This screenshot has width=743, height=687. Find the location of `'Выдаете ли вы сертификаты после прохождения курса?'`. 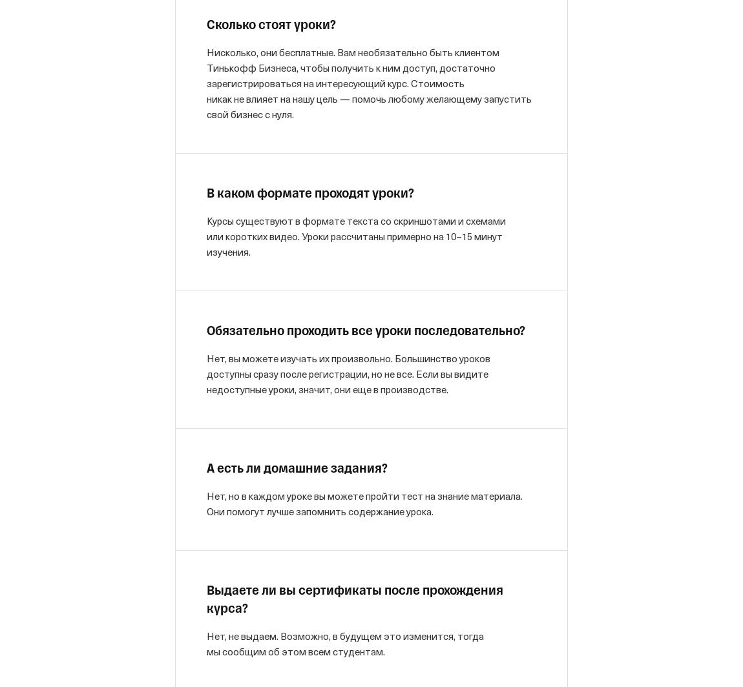

'Выдаете ли вы сертификаты после прохождения курса?' is located at coordinates (355, 599).